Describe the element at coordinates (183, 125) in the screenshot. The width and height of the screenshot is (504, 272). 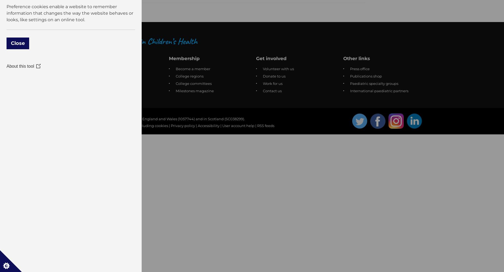
I see `'Privacy policy'` at that location.